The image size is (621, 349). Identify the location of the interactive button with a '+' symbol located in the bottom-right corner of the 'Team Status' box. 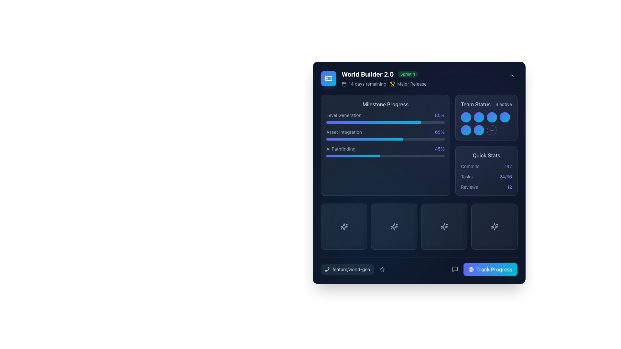
(486, 123).